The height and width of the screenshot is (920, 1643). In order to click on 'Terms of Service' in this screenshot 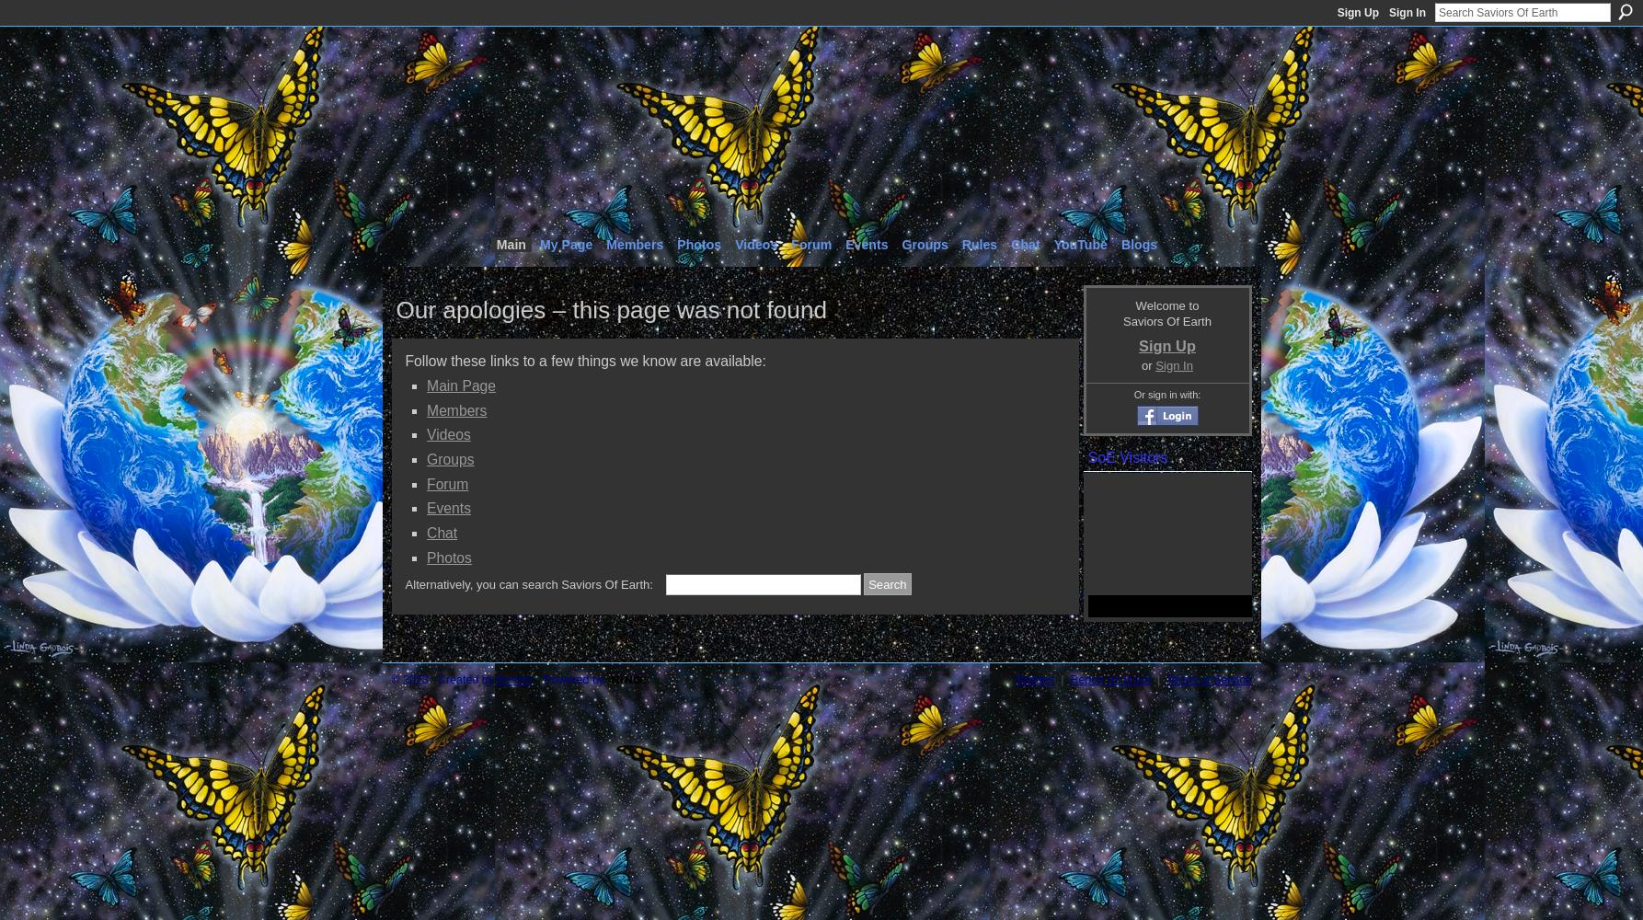, I will do `click(1208, 678)`.